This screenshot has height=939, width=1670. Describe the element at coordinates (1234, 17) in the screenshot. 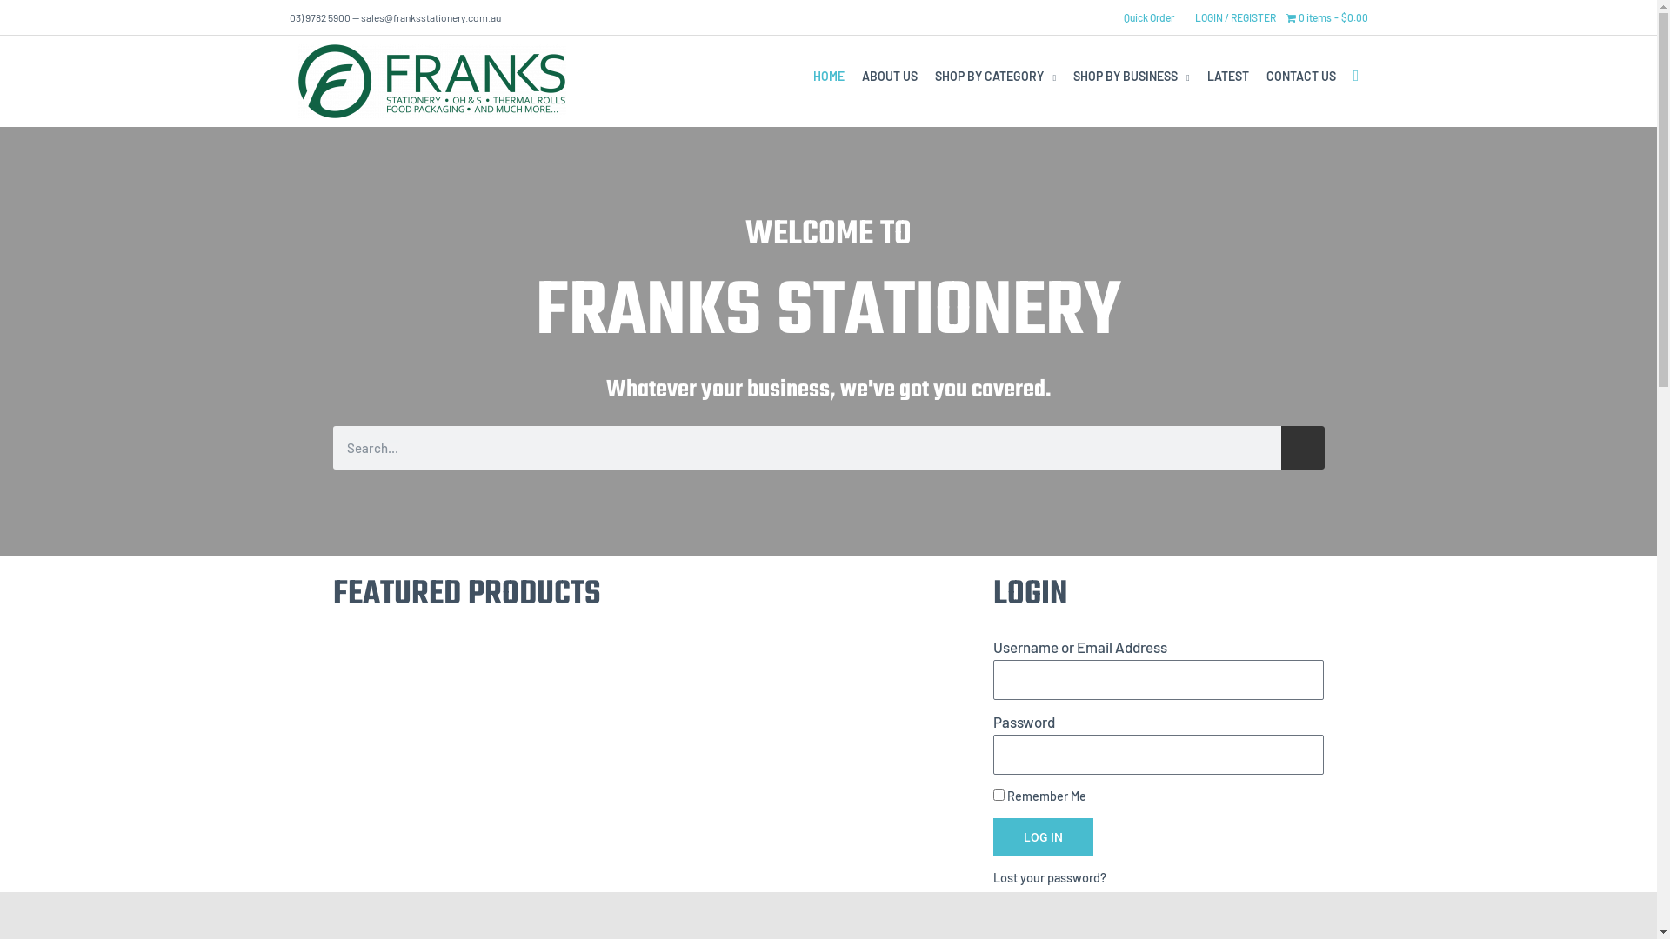

I see `'LOGIN / REGISTER'` at that location.